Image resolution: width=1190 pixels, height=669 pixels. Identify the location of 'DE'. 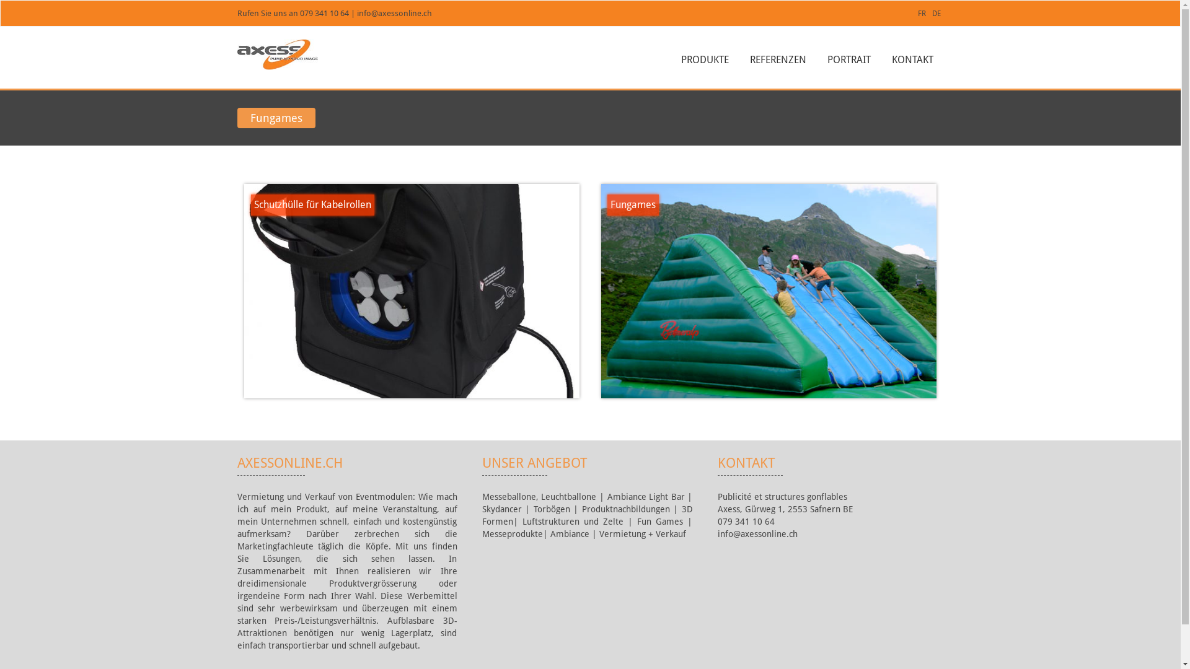
(932, 14).